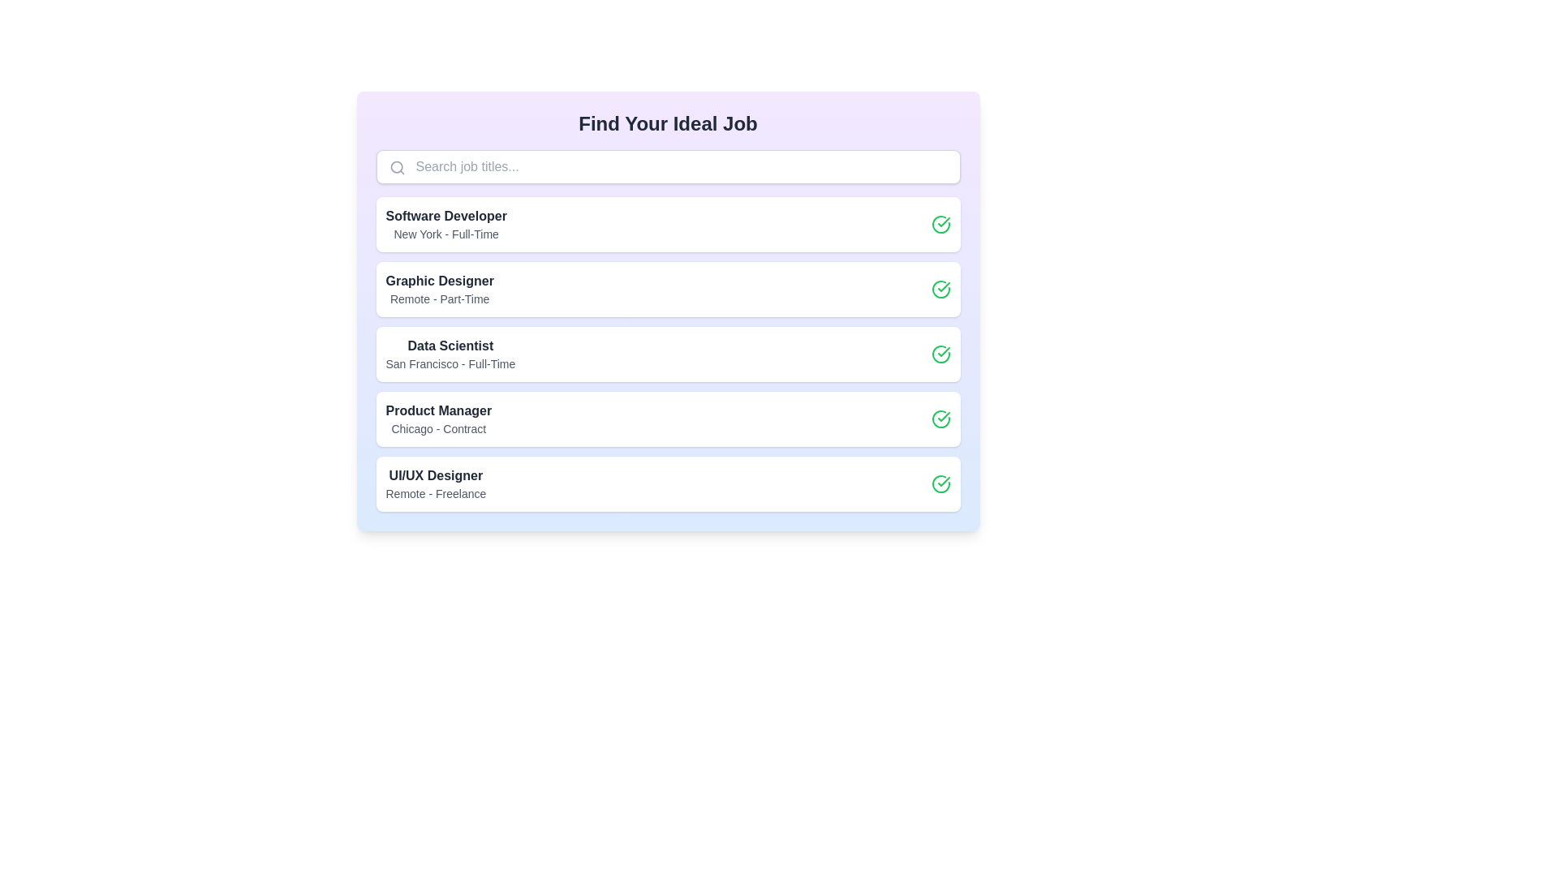 This screenshot has height=876, width=1558. What do you see at coordinates (940, 225) in the screenshot?
I see `the confirmation icon located to the far right of the first job title row, indicating action confirmation or status check` at bounding box center [940, 225].